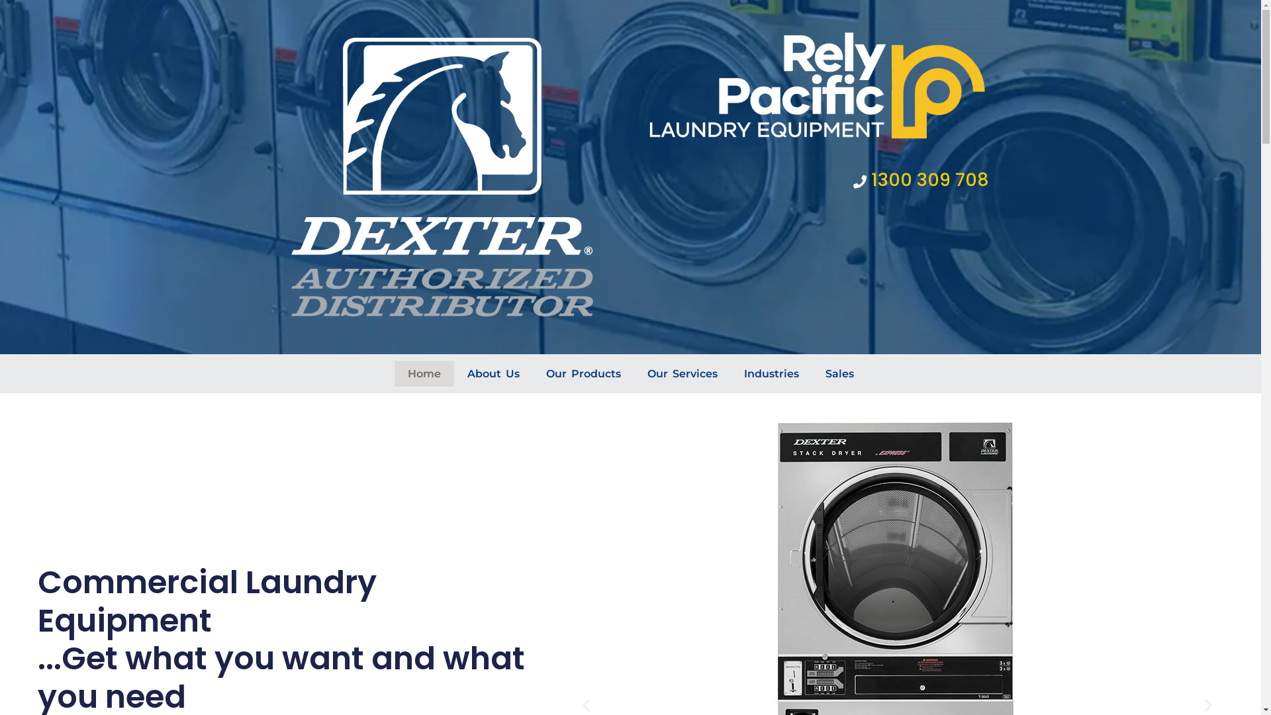 The image size is (1271, 715). I want to click on 'Sales', so click(810, 373).